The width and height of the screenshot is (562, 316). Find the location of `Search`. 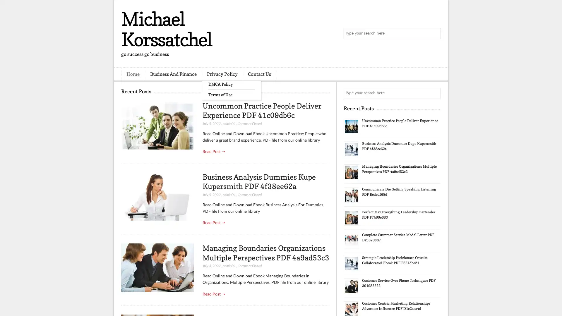

Search is located at coordinates (435, 34).